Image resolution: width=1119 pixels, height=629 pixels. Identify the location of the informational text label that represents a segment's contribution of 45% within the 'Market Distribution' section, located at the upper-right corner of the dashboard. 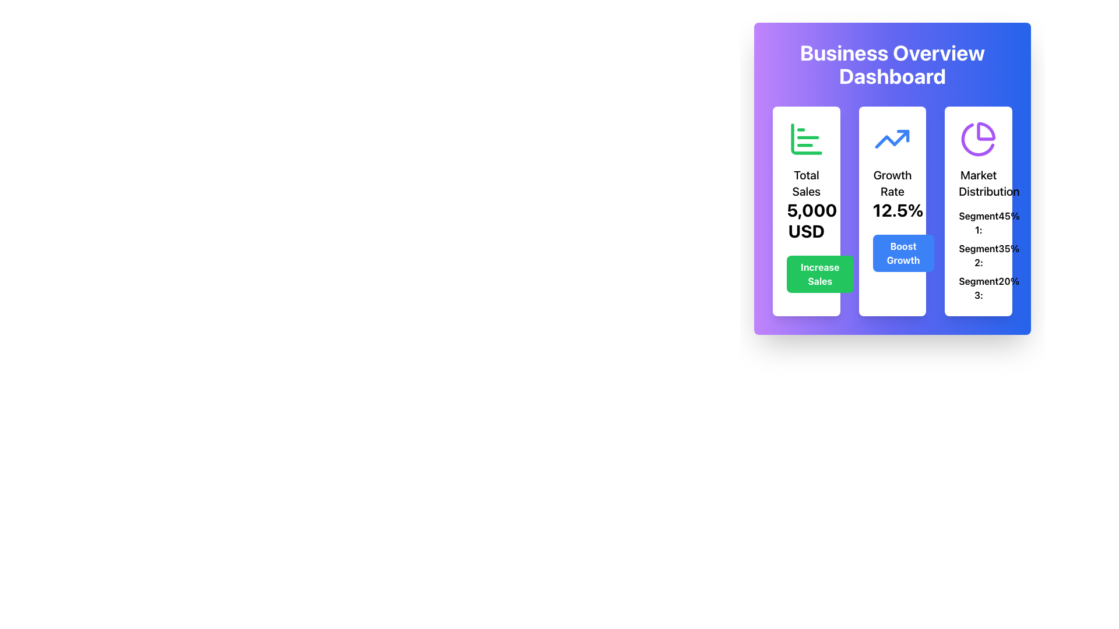
(979, 222).